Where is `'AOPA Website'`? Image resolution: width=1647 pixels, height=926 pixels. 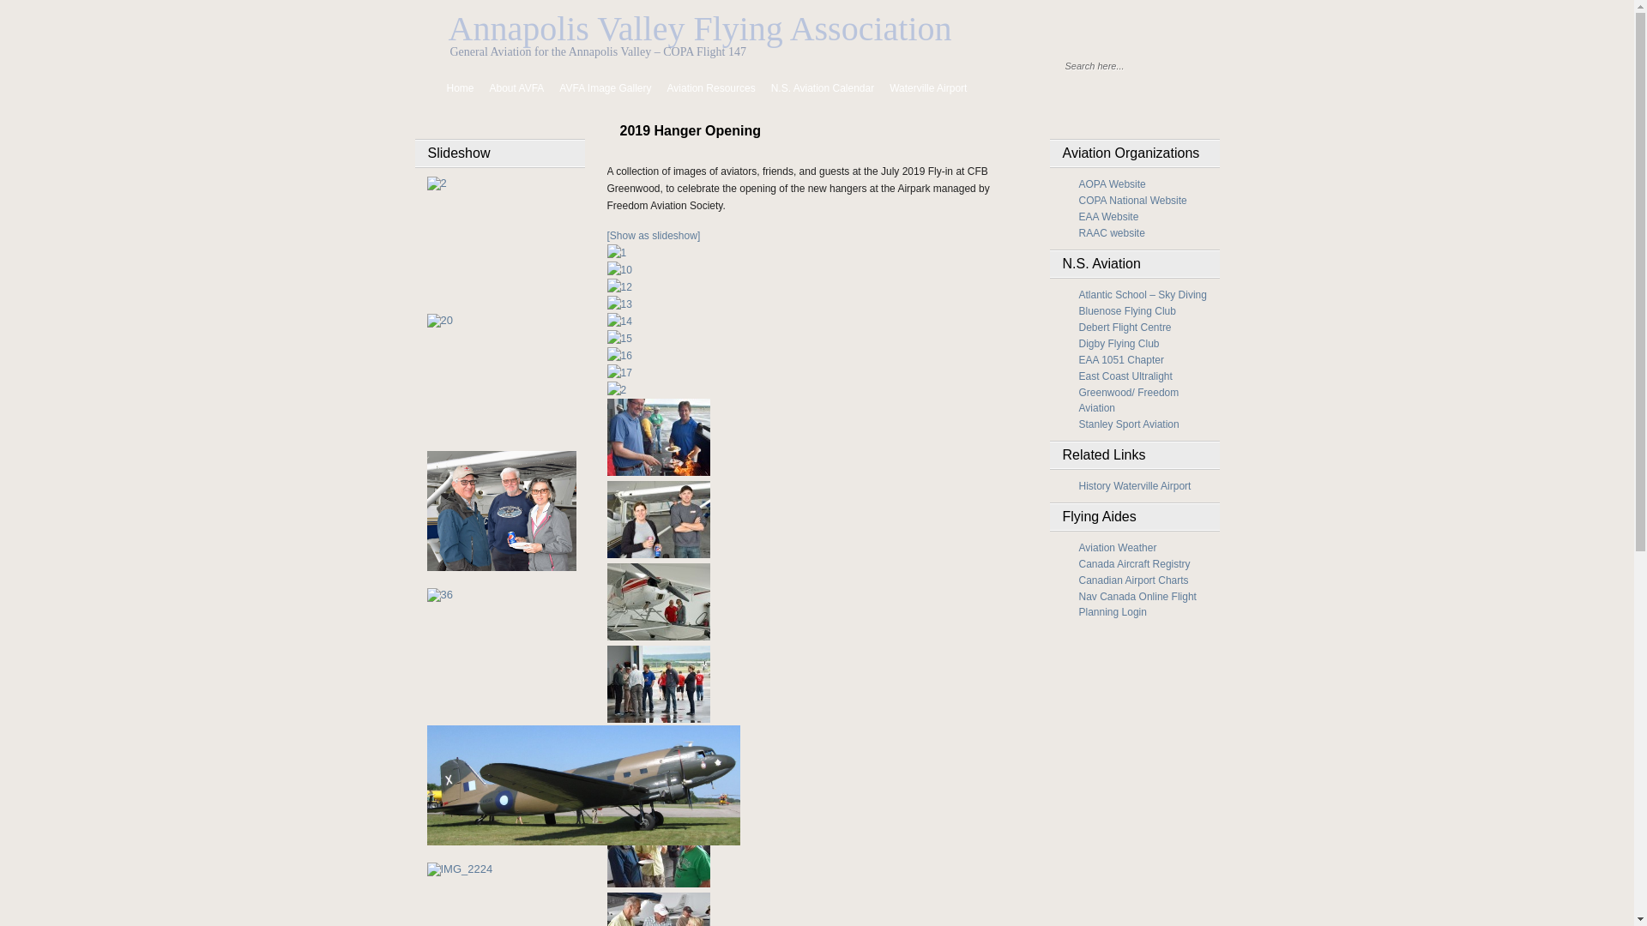 'AOPA Website' is located at coordinates (1112, 184).